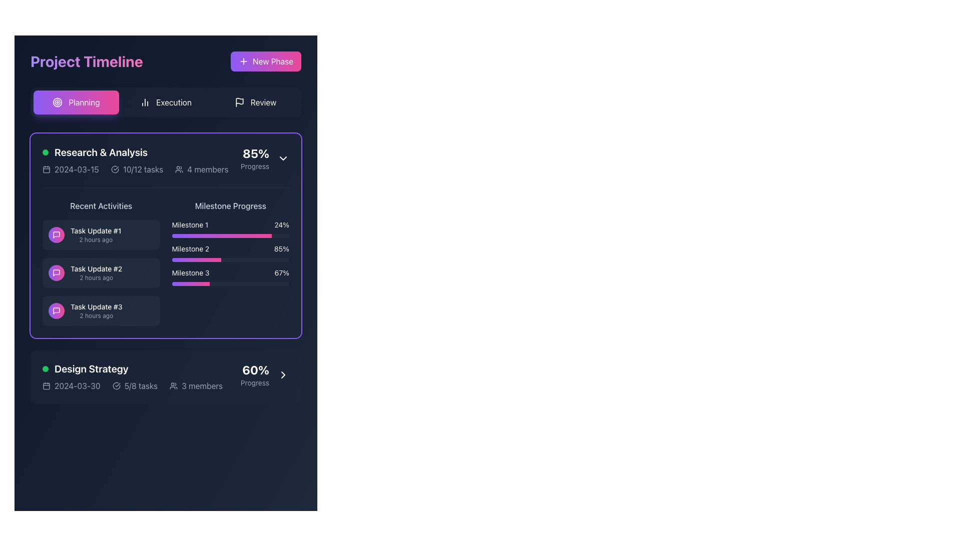 This screenshot has width=961, height=540. I want to click on information displayed in the second recent task update activity text block located in the 'Recent Activities' section on the left side of the 'Research & Analysis' card, so click(101, 262).